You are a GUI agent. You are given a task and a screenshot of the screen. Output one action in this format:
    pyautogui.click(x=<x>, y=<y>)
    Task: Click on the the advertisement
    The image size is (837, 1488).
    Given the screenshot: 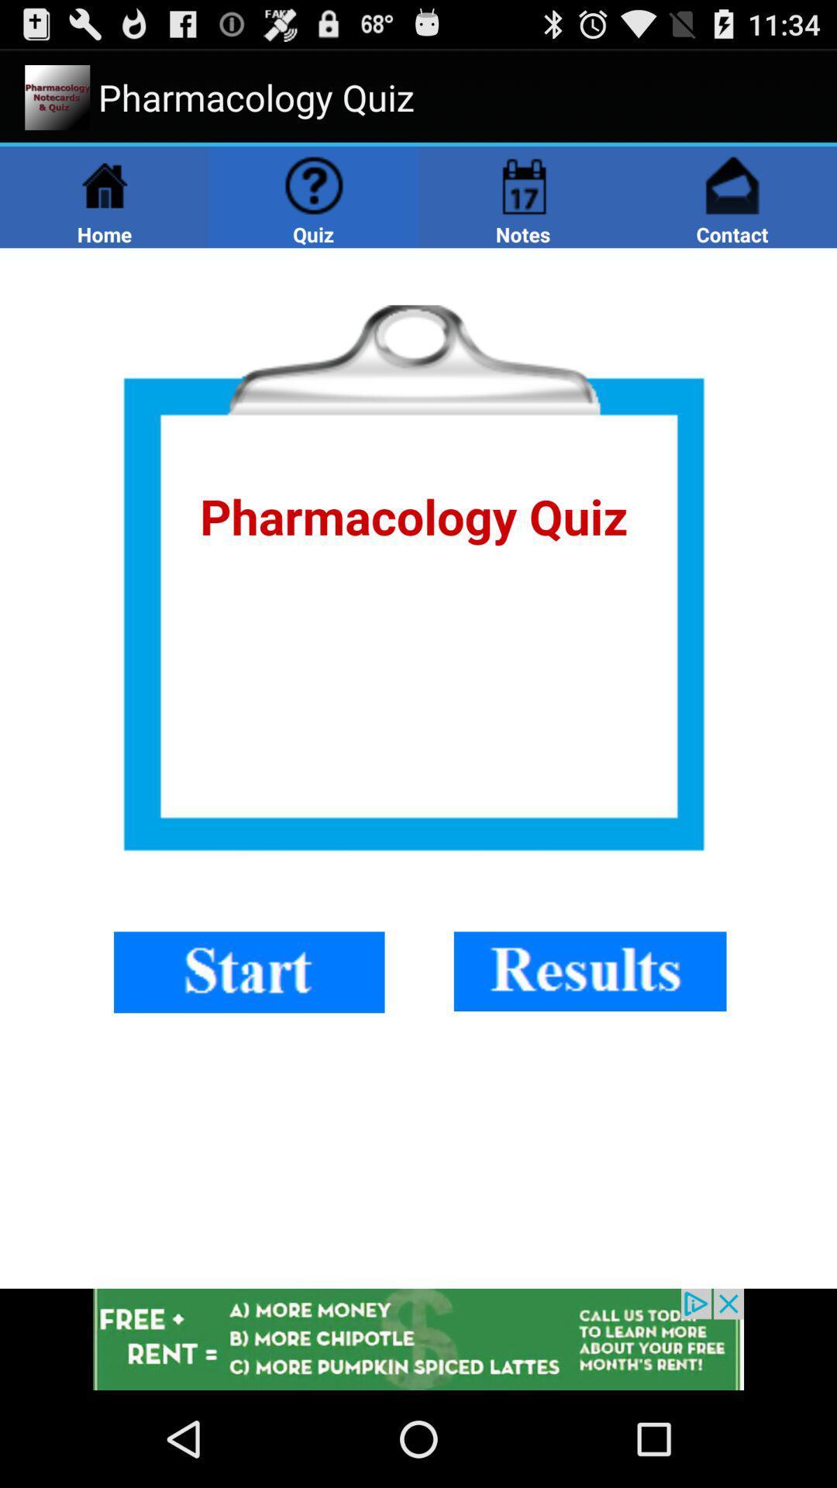 What is the action you would take?
    pyautogui.click(x=418, y=1338)
    